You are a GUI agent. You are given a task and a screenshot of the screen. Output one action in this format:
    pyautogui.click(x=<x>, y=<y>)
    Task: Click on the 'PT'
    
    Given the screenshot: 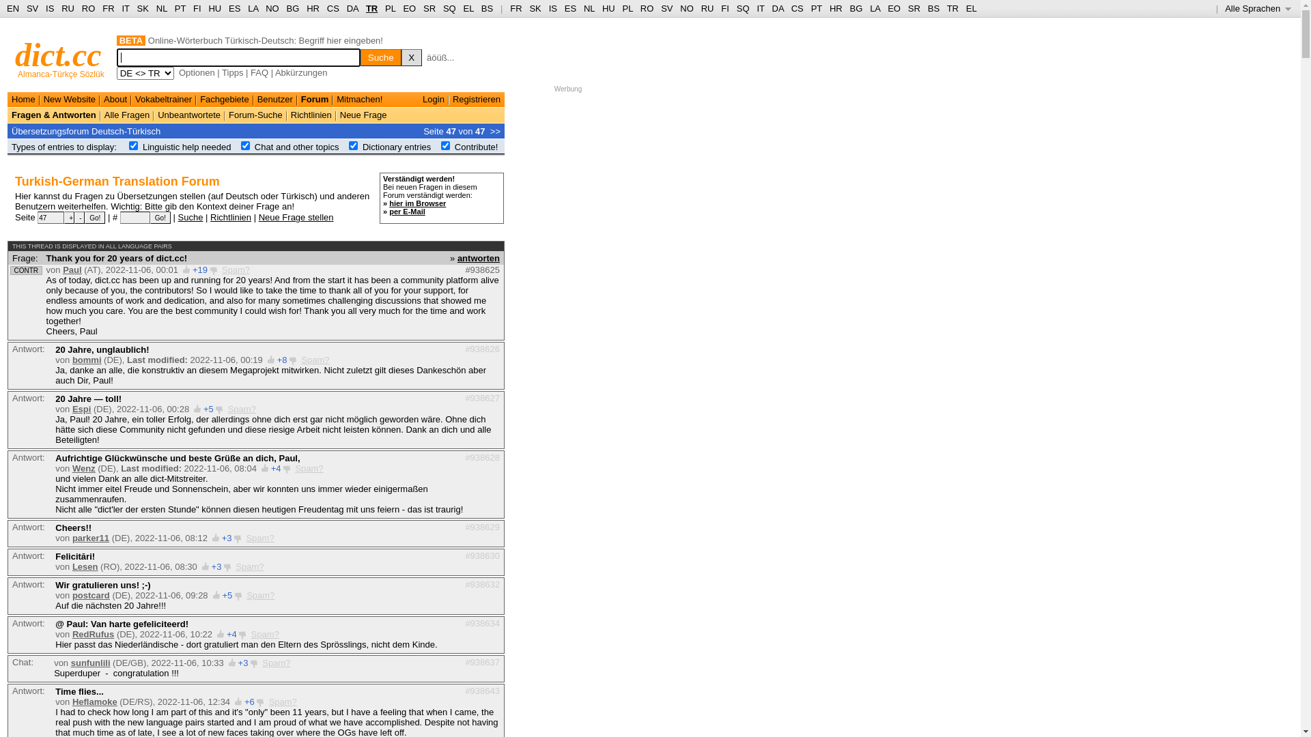 What is the action you would take?
    pyautogui.click(x=816, y=8)
    